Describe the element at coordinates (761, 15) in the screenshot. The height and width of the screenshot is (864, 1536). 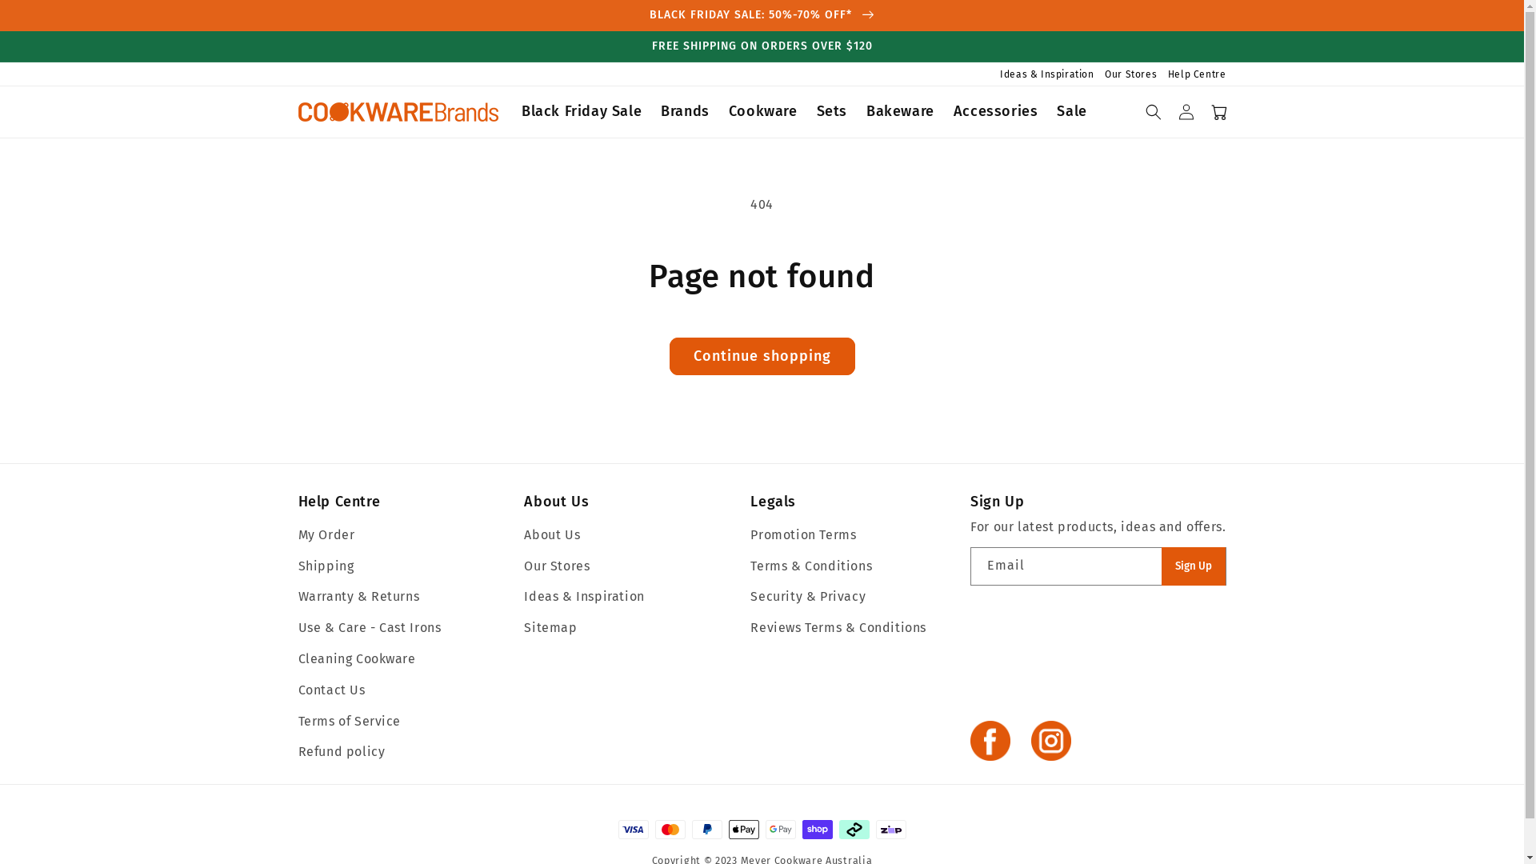
I see `'BLACK FRIDAY SALE: 50%-70% OFF*'` at that location.